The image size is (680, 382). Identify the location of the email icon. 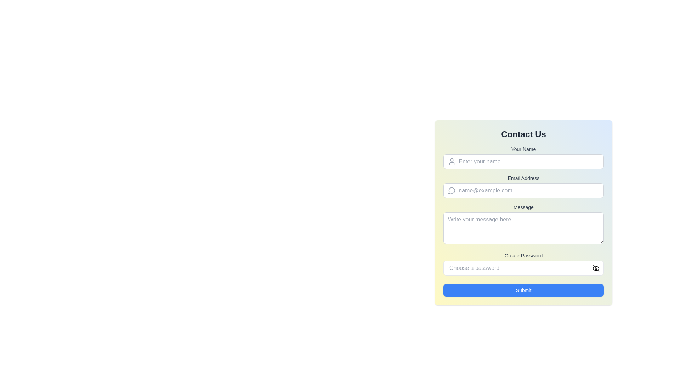
(452, 190).